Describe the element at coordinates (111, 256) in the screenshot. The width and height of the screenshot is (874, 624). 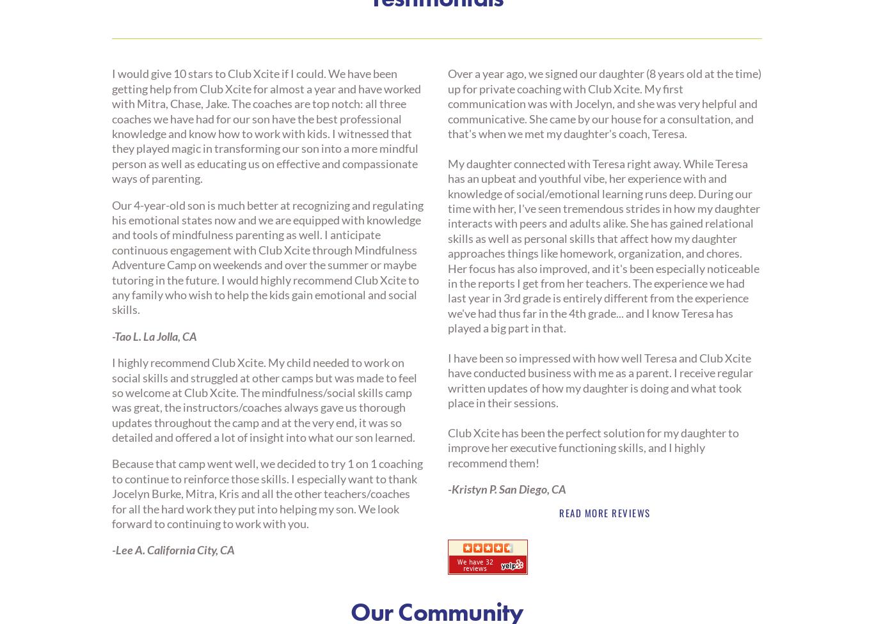
I see `'Our 4-year-old son is much better at recognizing and regulating his emotional states now and we are equipped with knowledge and tools of mindfulness parenting as well. I anticipate continuous engagement with Club Xcite through Mindfulness Adventure Camp on weekends and over the summer or maybe tutoring in the future. I would highly recommend Club Xcite to any family who wish to help the kids gain emotional and social skills.'` at that location.